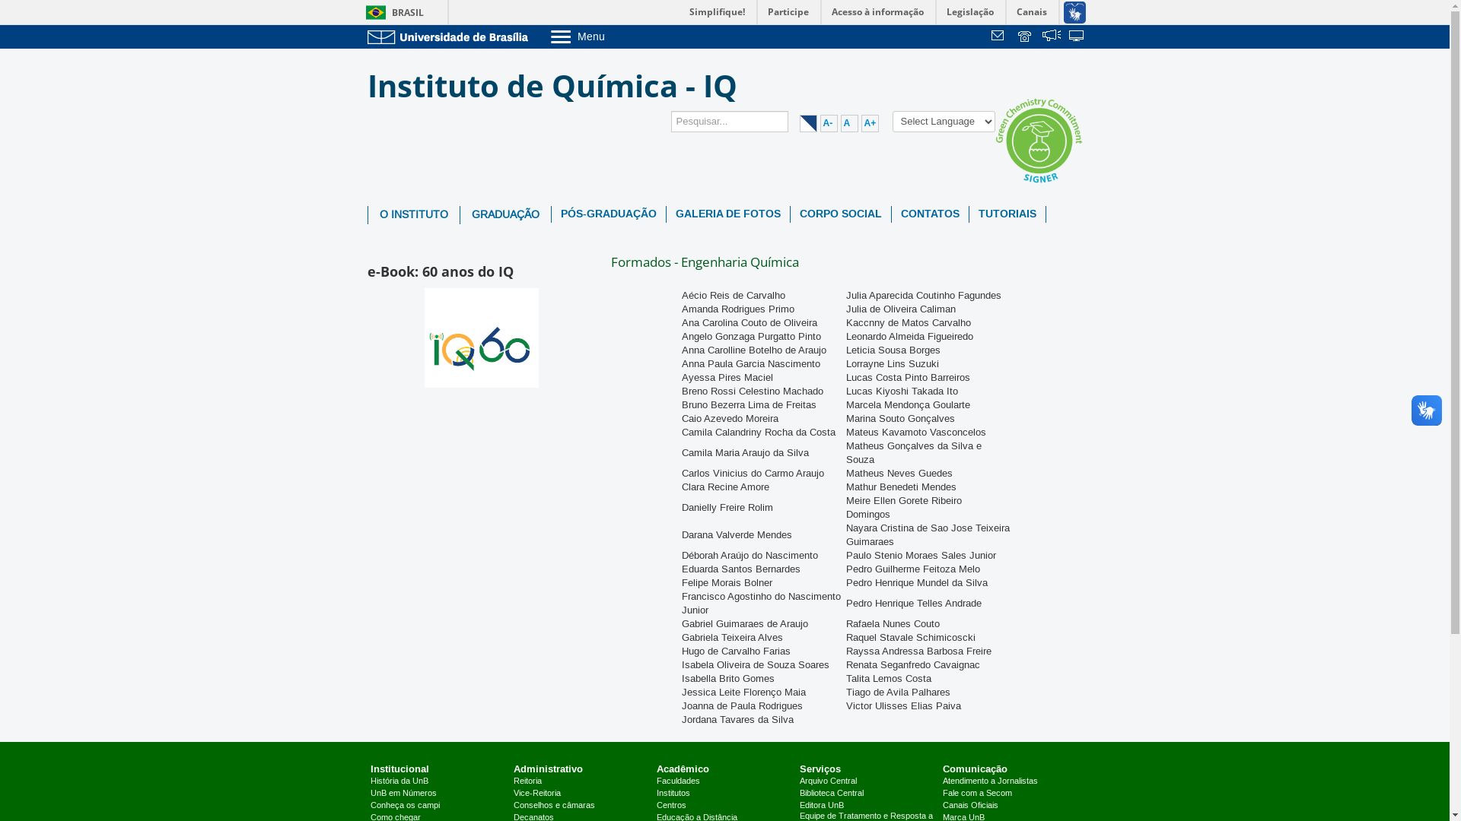 The image size is (1461, 821). What do you see at coordinates (839, 214) in the screenshot?
I see `'CORPO SOCIAL'` at bounding box center [839, 214].